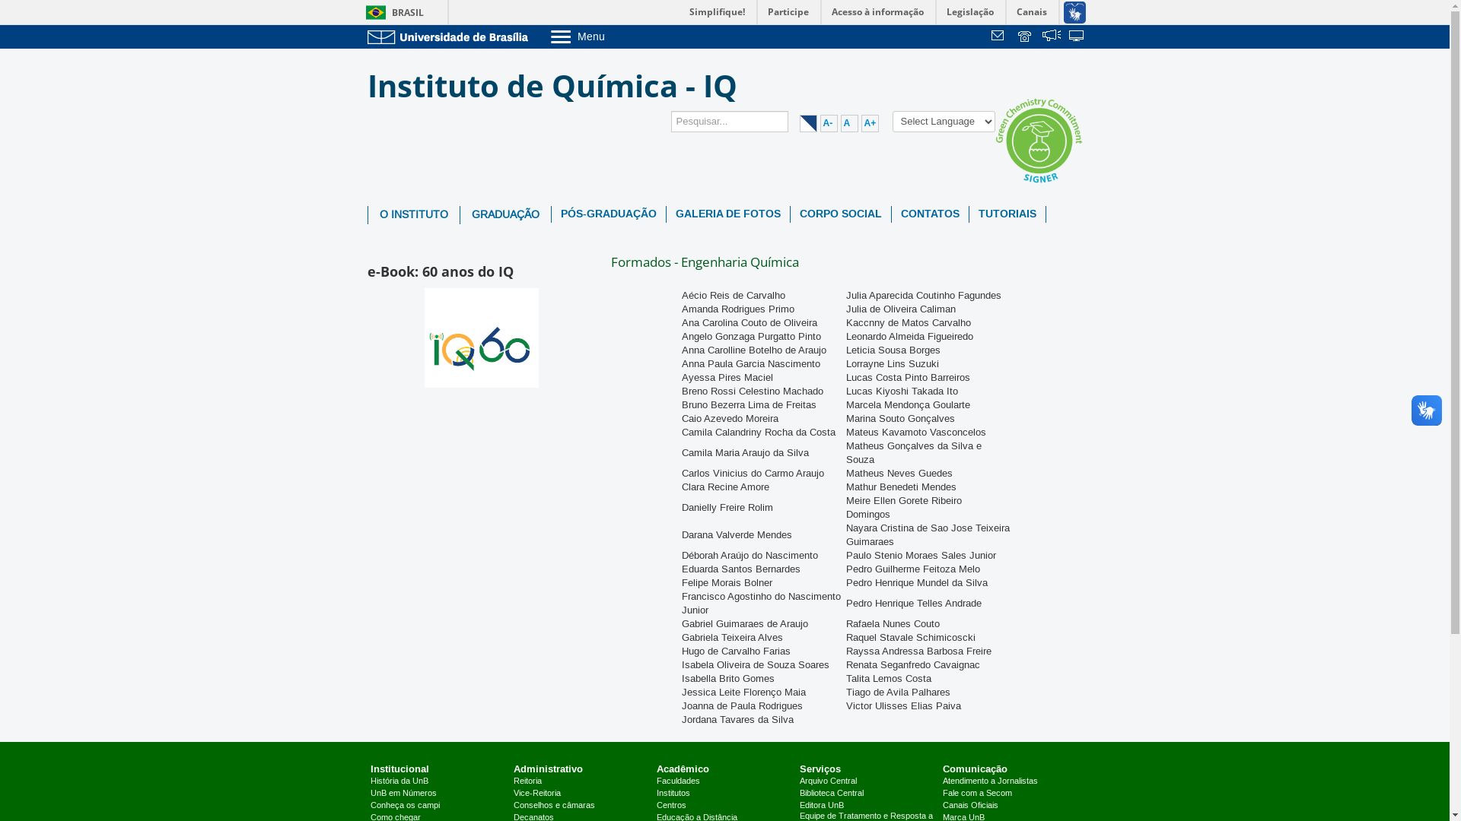 The image size is (1461, 821). What do you see at coordinates (839, 214) in the screenshot?
I see `'CORPO SOCIAL'` at bounding box center [839, 214].